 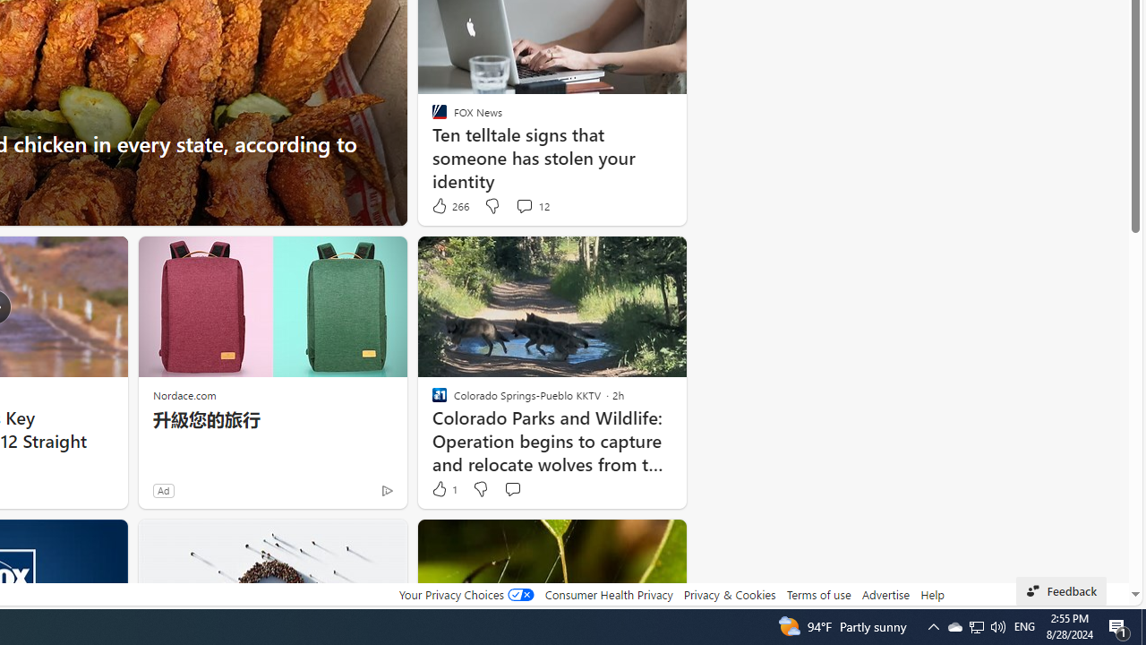 What do you see at coordinates (163, 490) in the screenshot?
I see `'Ad'` at bounding box center [163, 490].